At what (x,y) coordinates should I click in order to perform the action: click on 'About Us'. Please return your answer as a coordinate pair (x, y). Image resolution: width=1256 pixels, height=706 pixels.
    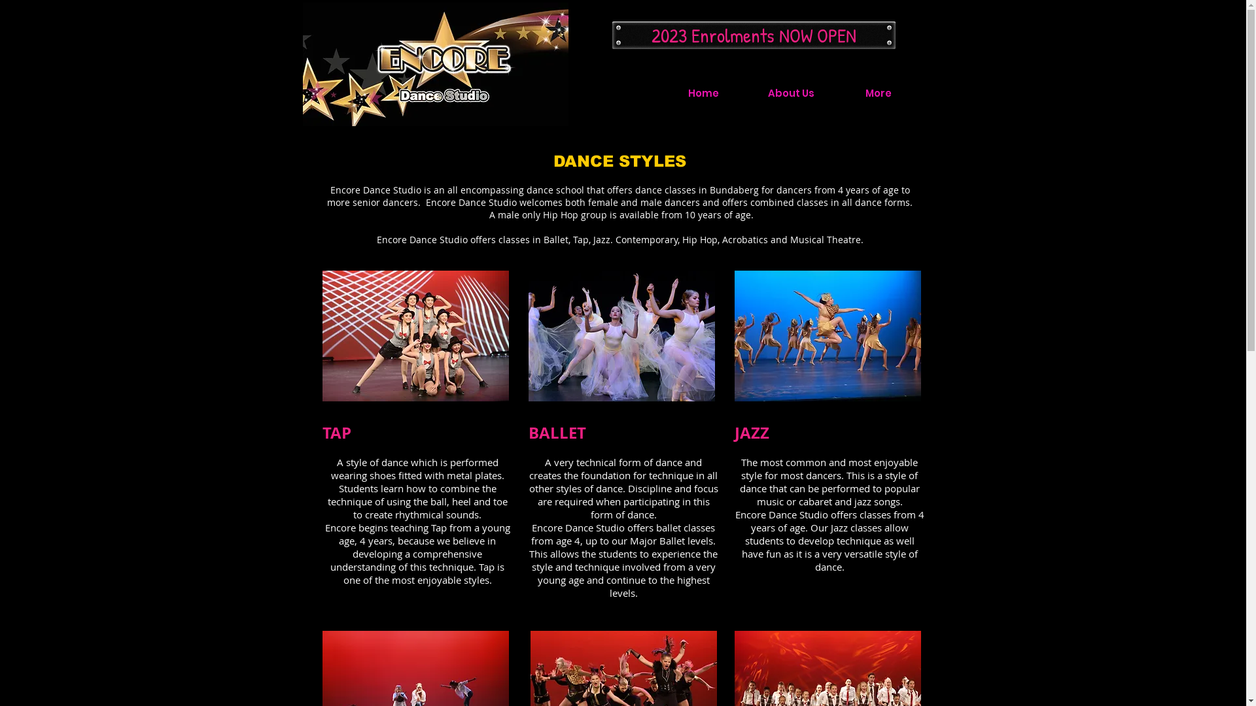
    Looking at the image, I should click on (747, 92).